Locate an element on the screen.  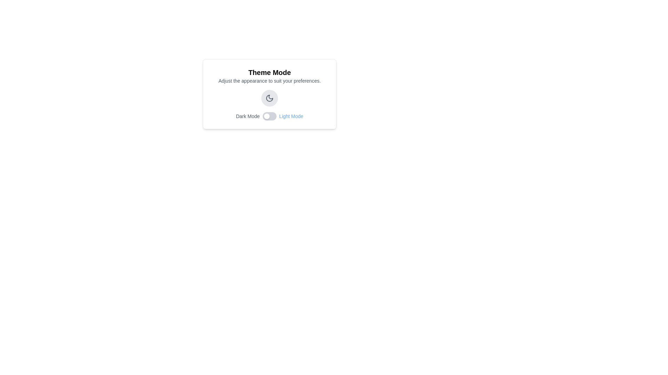
the toggle icon/button for switching between dark and light modes, located centrally below the 'Theme Mode' title and above the toggle switch is located at coordinates (269, 98).